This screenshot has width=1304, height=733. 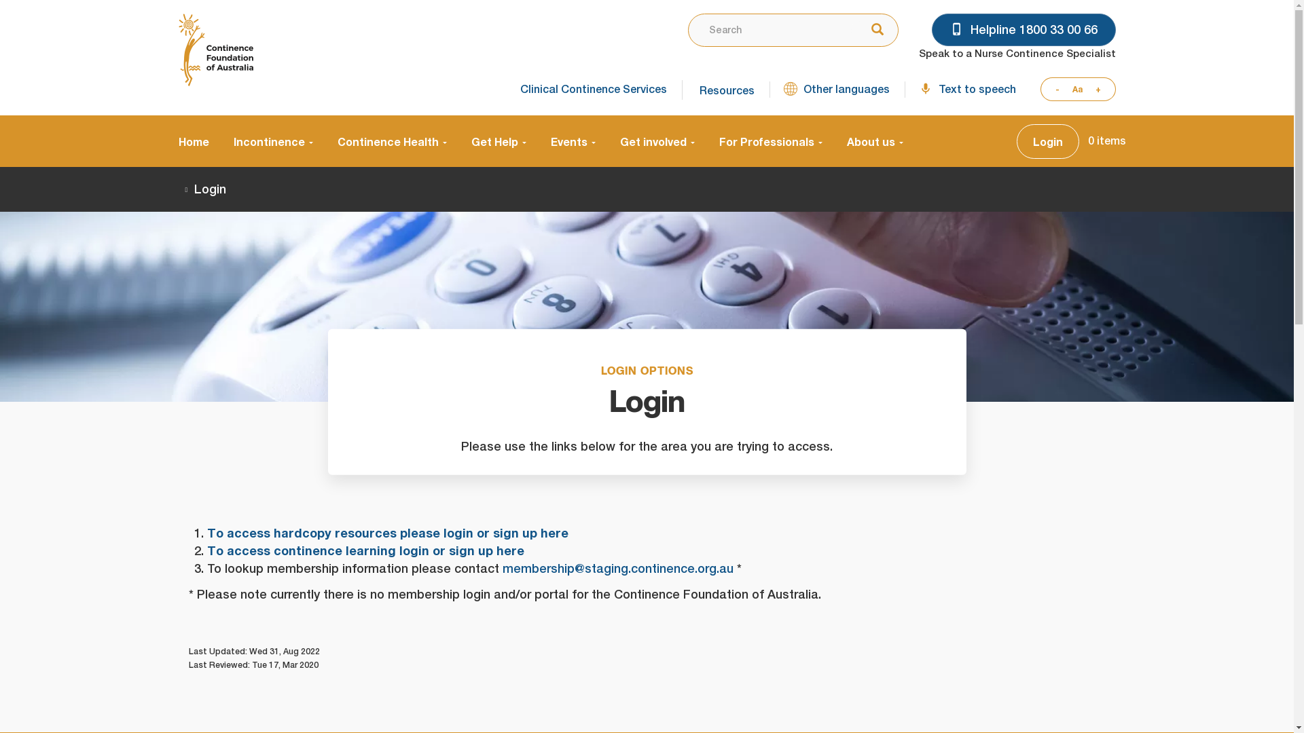 I want to click on '-', so click(x=1052, y=89).